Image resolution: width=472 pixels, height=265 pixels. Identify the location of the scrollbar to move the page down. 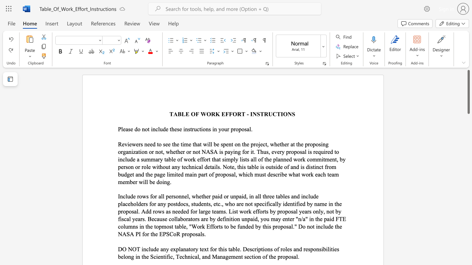
(468, 144).